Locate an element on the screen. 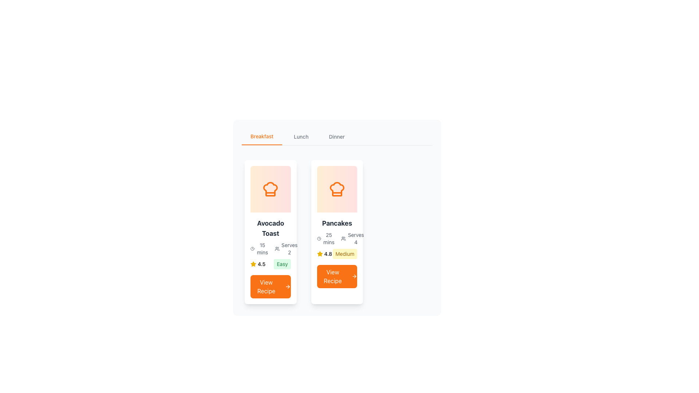 This screenshot has width=699, height=393. information displayed on the Informational text with icon that shows 'Serves 4' under the recipe description for 'Pancakes' is located at coordinates (353, 238).